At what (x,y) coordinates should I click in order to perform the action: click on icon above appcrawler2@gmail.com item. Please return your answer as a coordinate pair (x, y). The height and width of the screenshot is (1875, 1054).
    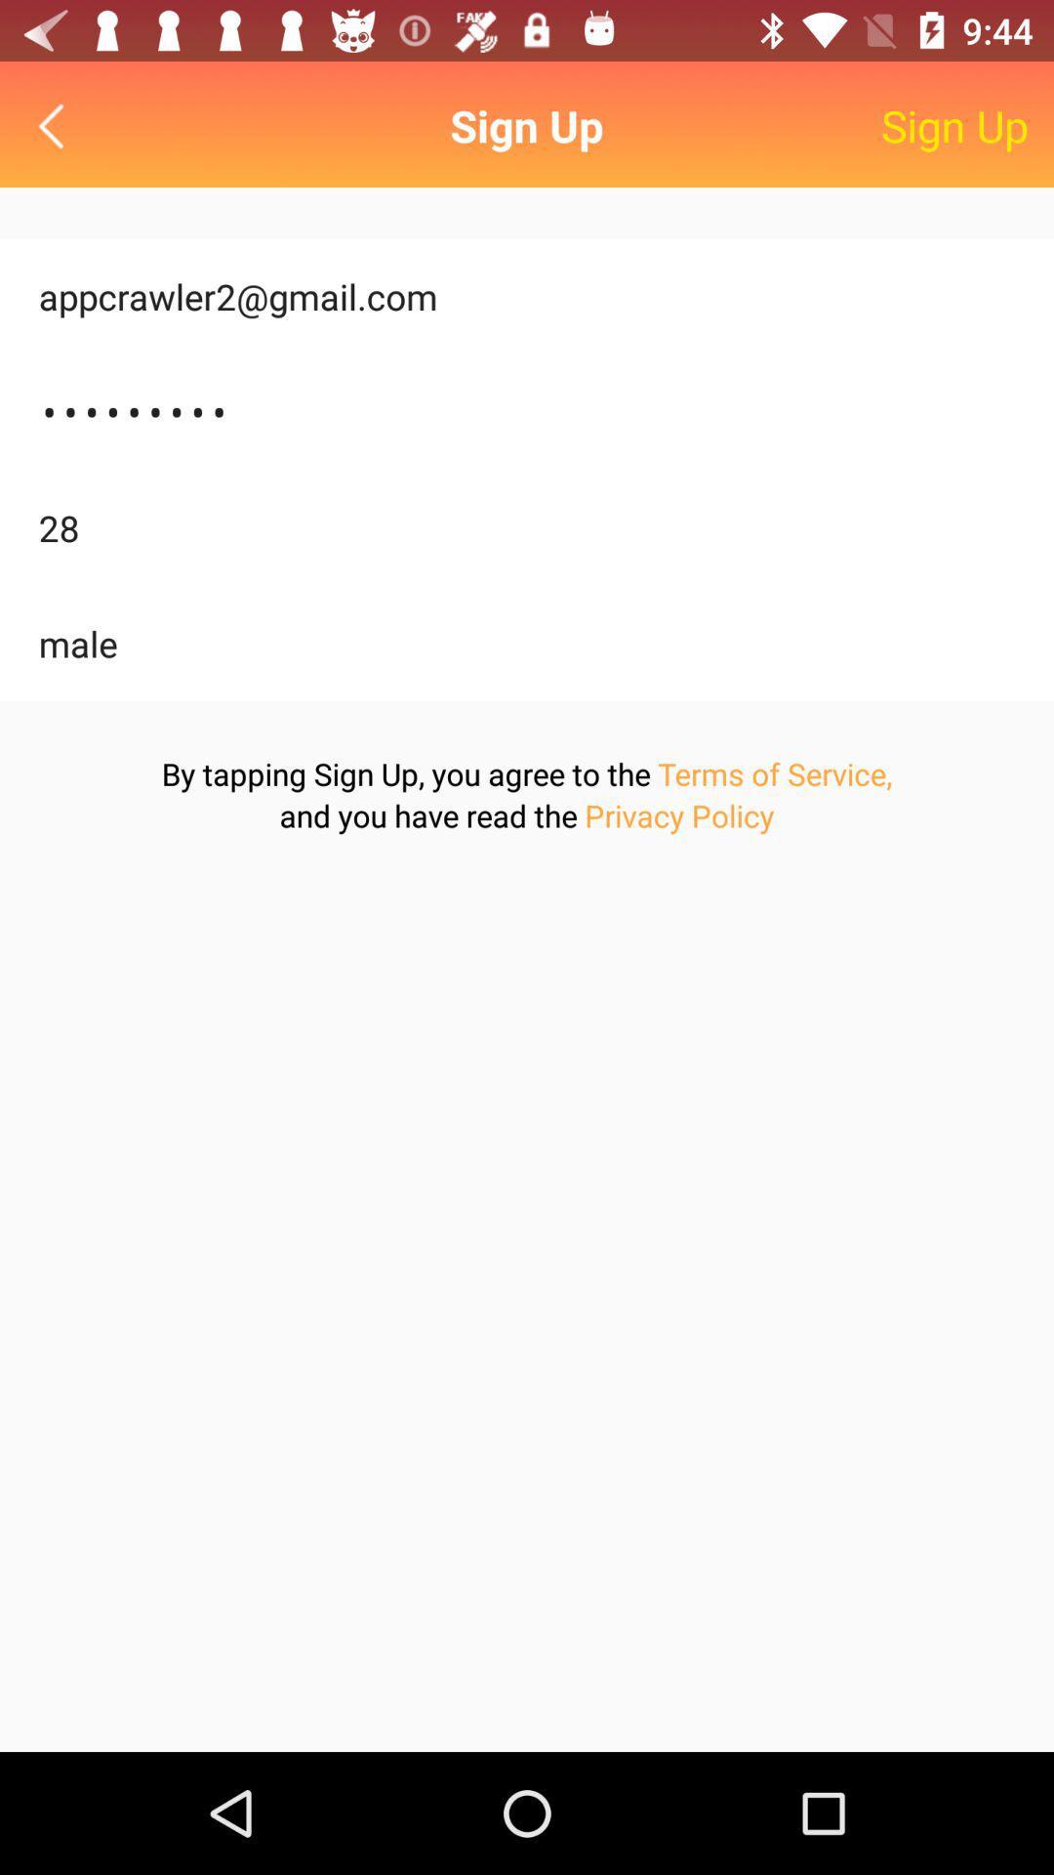
    Looking at the image, I should click on (55, 125).